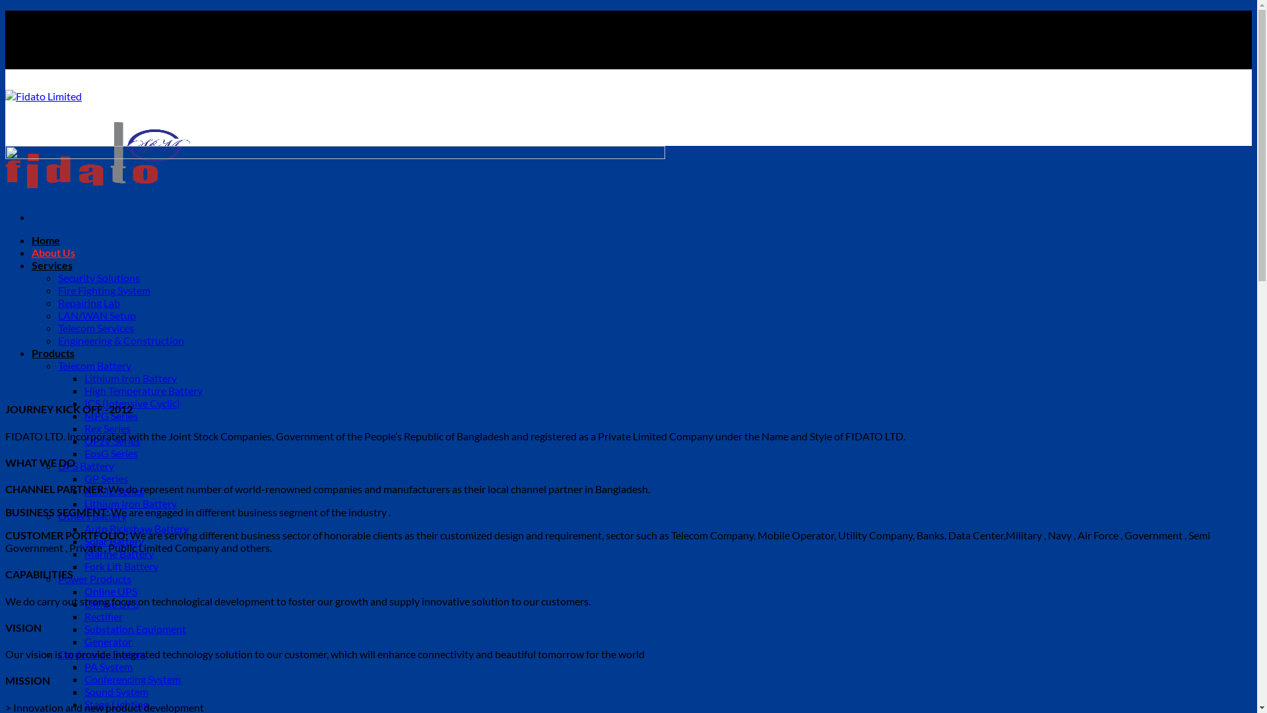 The width and height of the screenshot is (1267, 713). What do you see at coordinates (5, 10) in the screenshot?
I see `'Skip to content'` at bounding box center [5, 10].